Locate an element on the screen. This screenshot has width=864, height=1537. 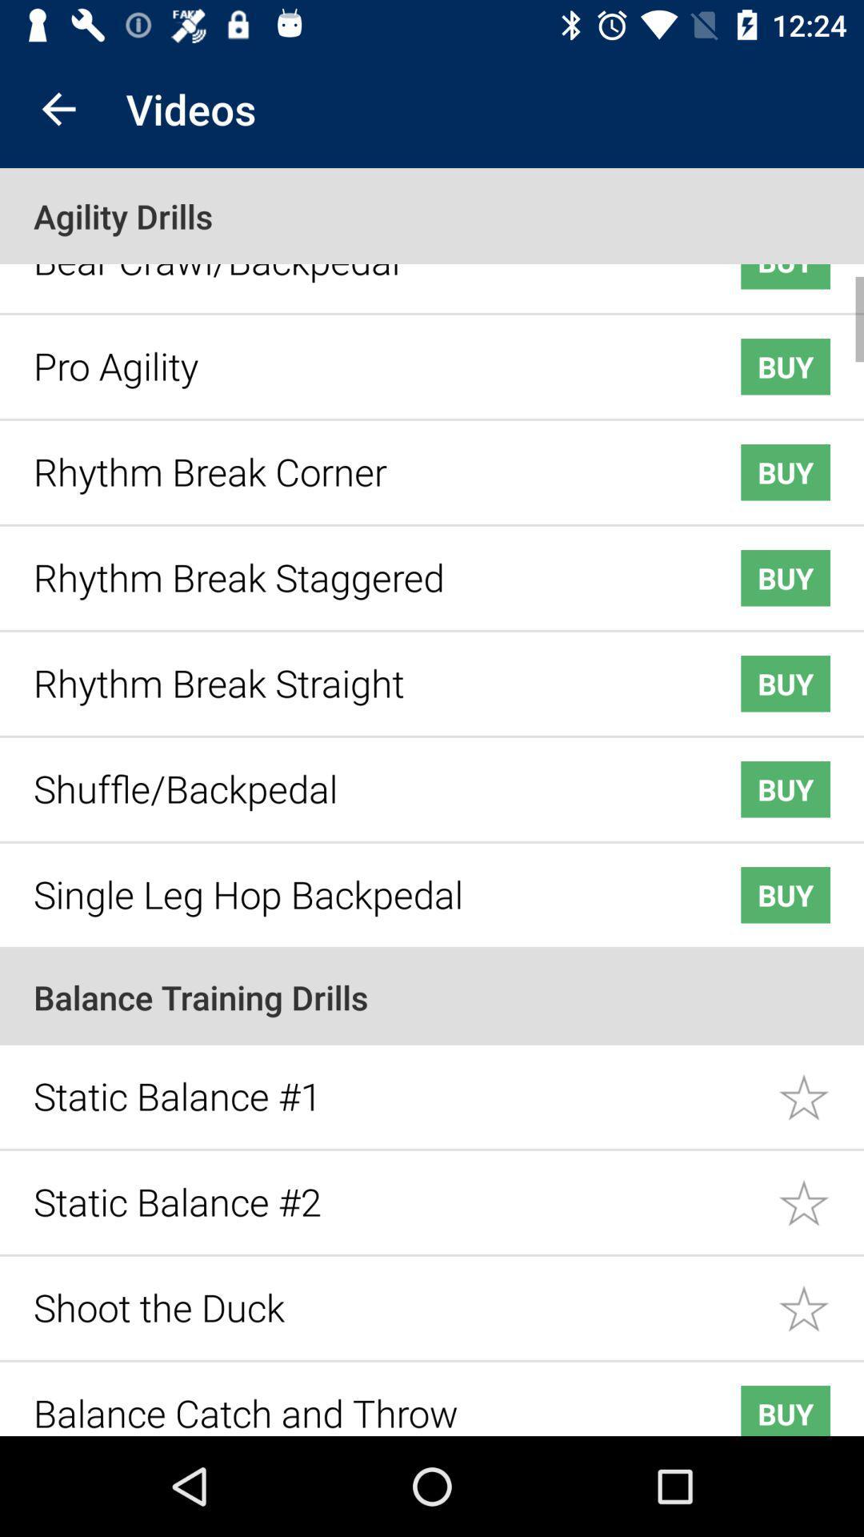
the icon next to the buy icon is located at coordinates (362, 881).